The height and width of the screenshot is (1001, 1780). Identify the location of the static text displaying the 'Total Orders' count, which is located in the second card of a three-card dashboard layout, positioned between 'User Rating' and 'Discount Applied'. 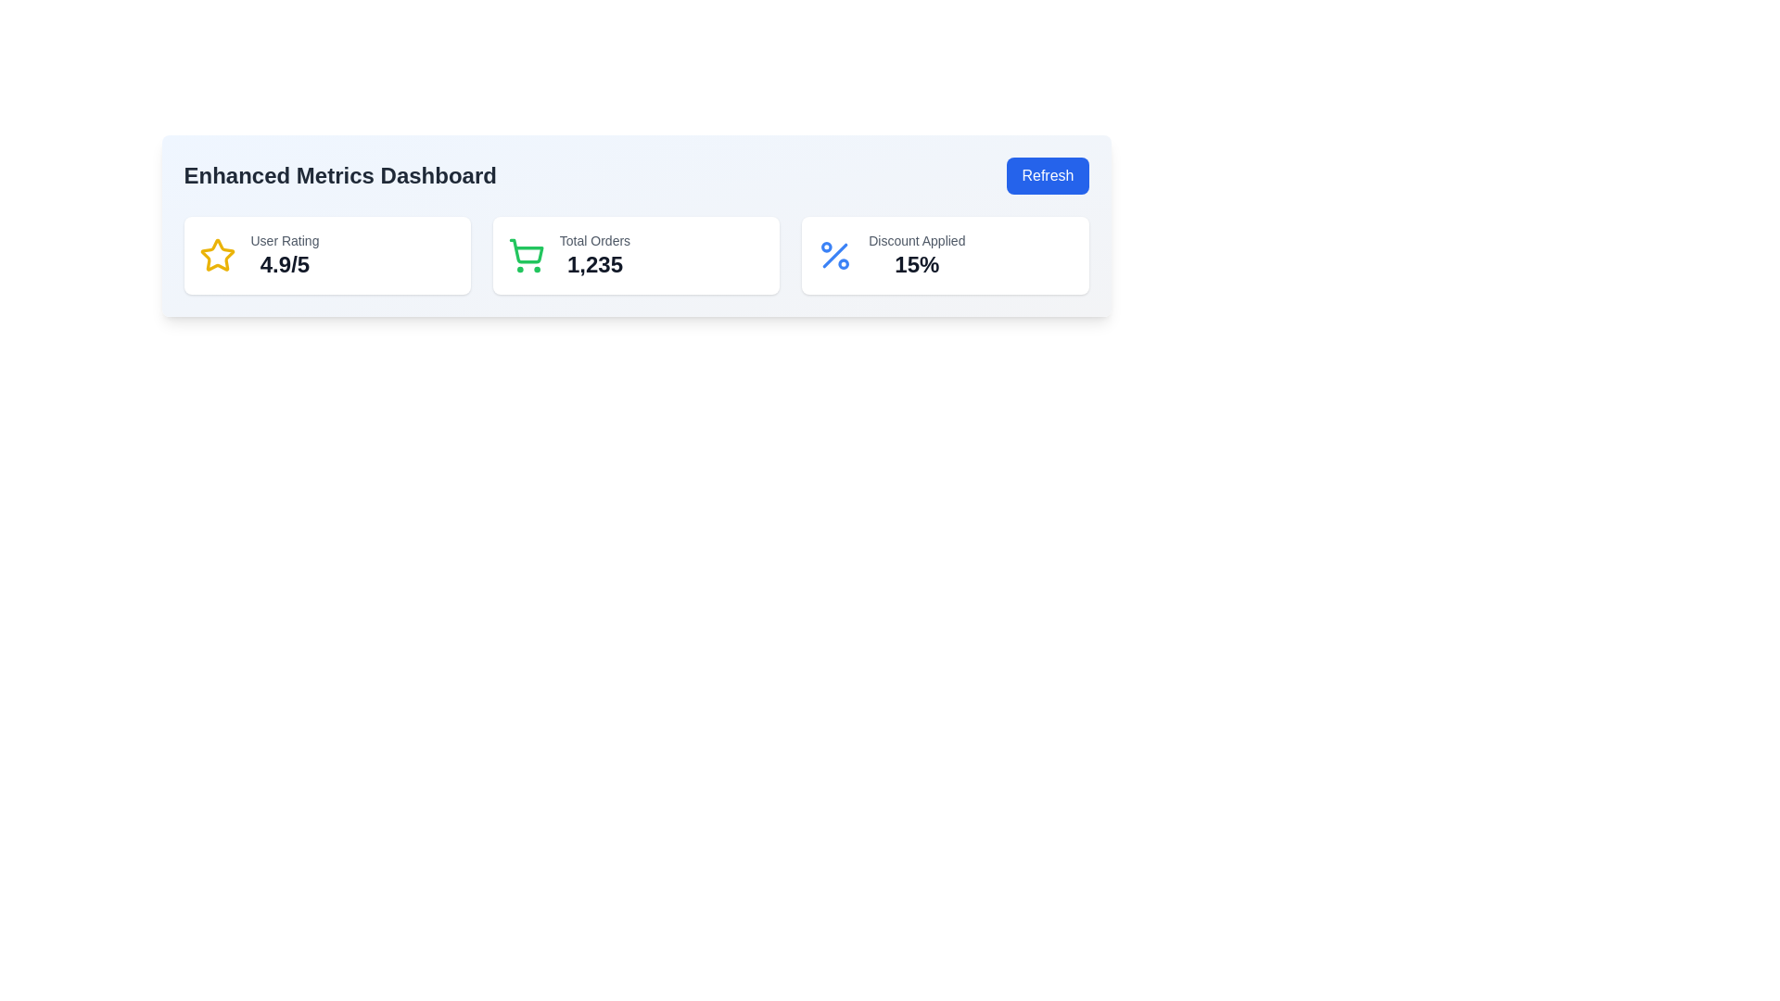
(594, 264).